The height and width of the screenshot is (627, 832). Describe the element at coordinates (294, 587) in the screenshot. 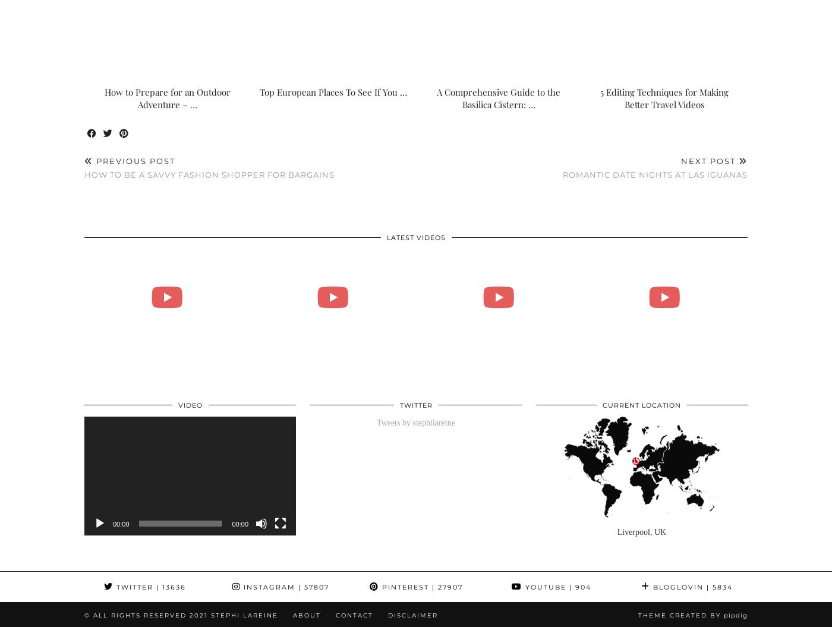

I see `'| 57807'` at that location.